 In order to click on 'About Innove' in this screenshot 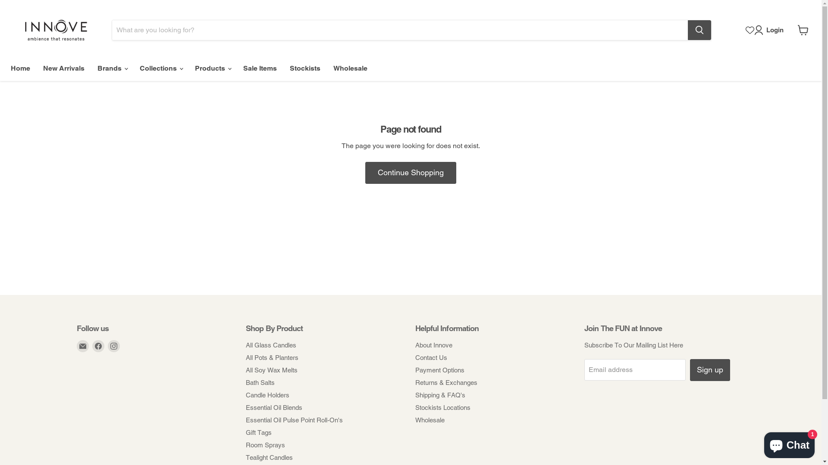, I will do `click(433, 344)`.